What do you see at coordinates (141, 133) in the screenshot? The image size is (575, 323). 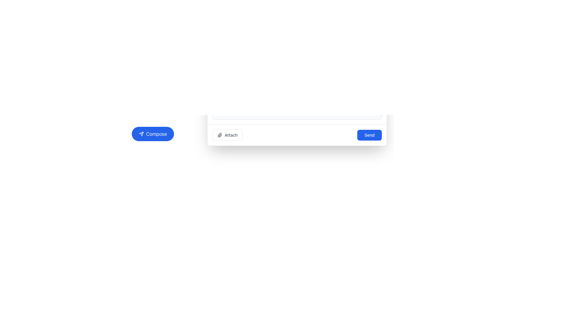 I see `the icon within the 'Compose' button that has a blue background and white text, which signifies composing or sending a message` at bounding box center [141, 133].